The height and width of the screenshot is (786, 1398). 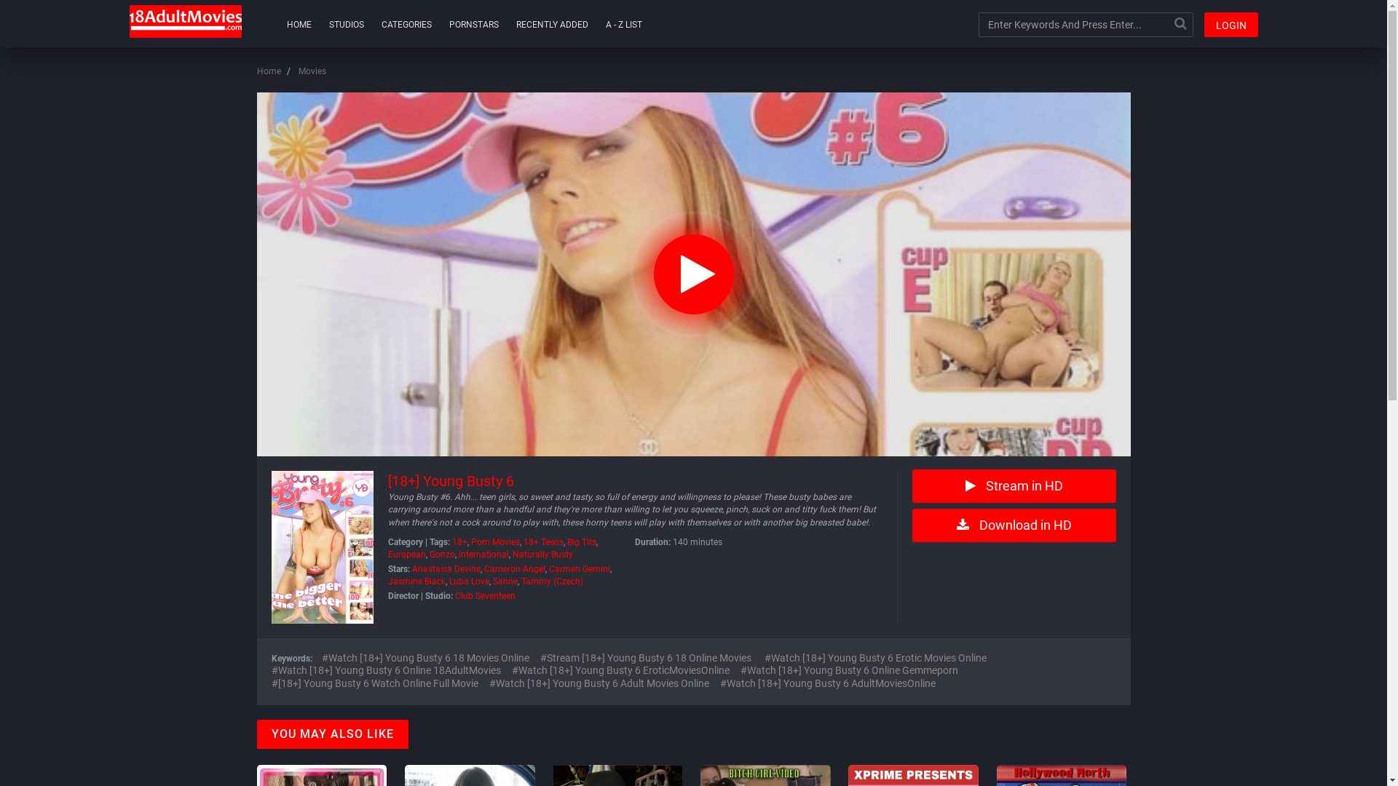 What do you see at coordinates (474, 25) in the screenshot?
I see `'PORNSTARS'` at bounding box center [474, 25].